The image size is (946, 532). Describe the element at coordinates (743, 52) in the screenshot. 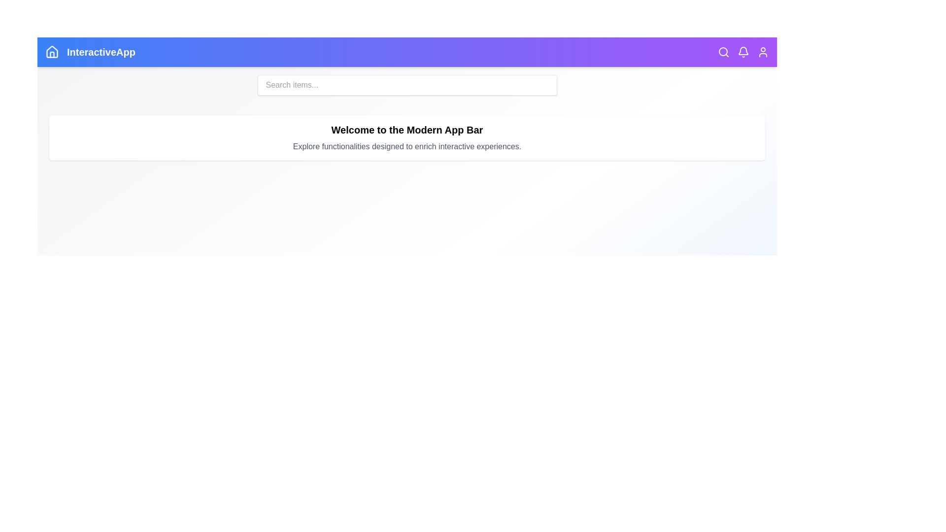

I see `the 'Bell' icon to view notifications` at that location.